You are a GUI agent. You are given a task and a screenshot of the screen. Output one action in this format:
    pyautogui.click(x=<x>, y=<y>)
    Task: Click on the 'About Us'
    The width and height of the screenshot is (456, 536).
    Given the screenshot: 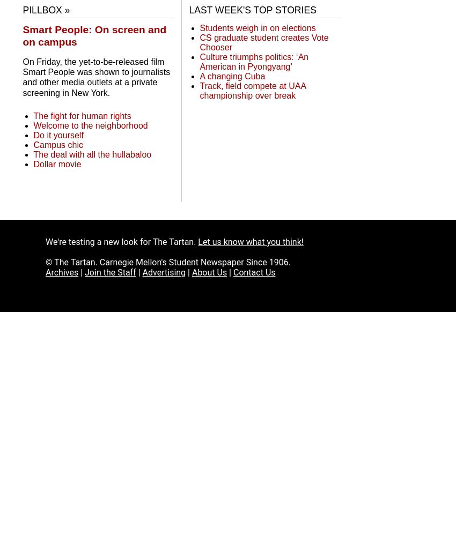 What is the action you would take?
    pyautogui.click(x=209, y=272)
    